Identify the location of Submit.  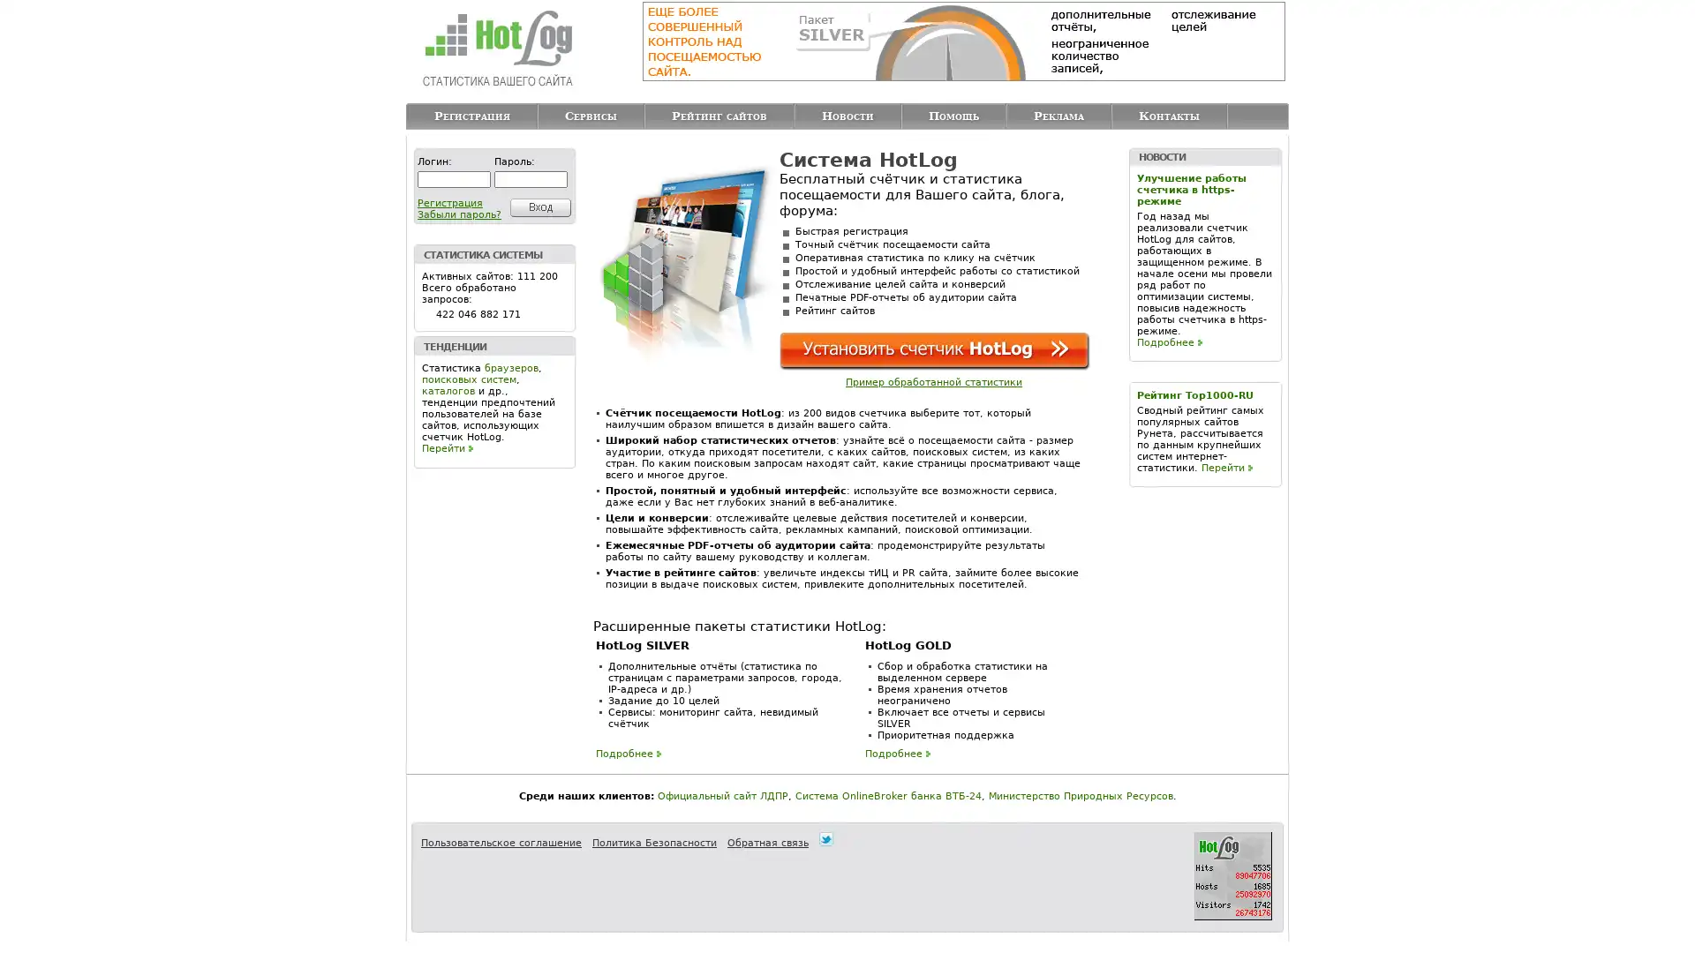
(537, 206).